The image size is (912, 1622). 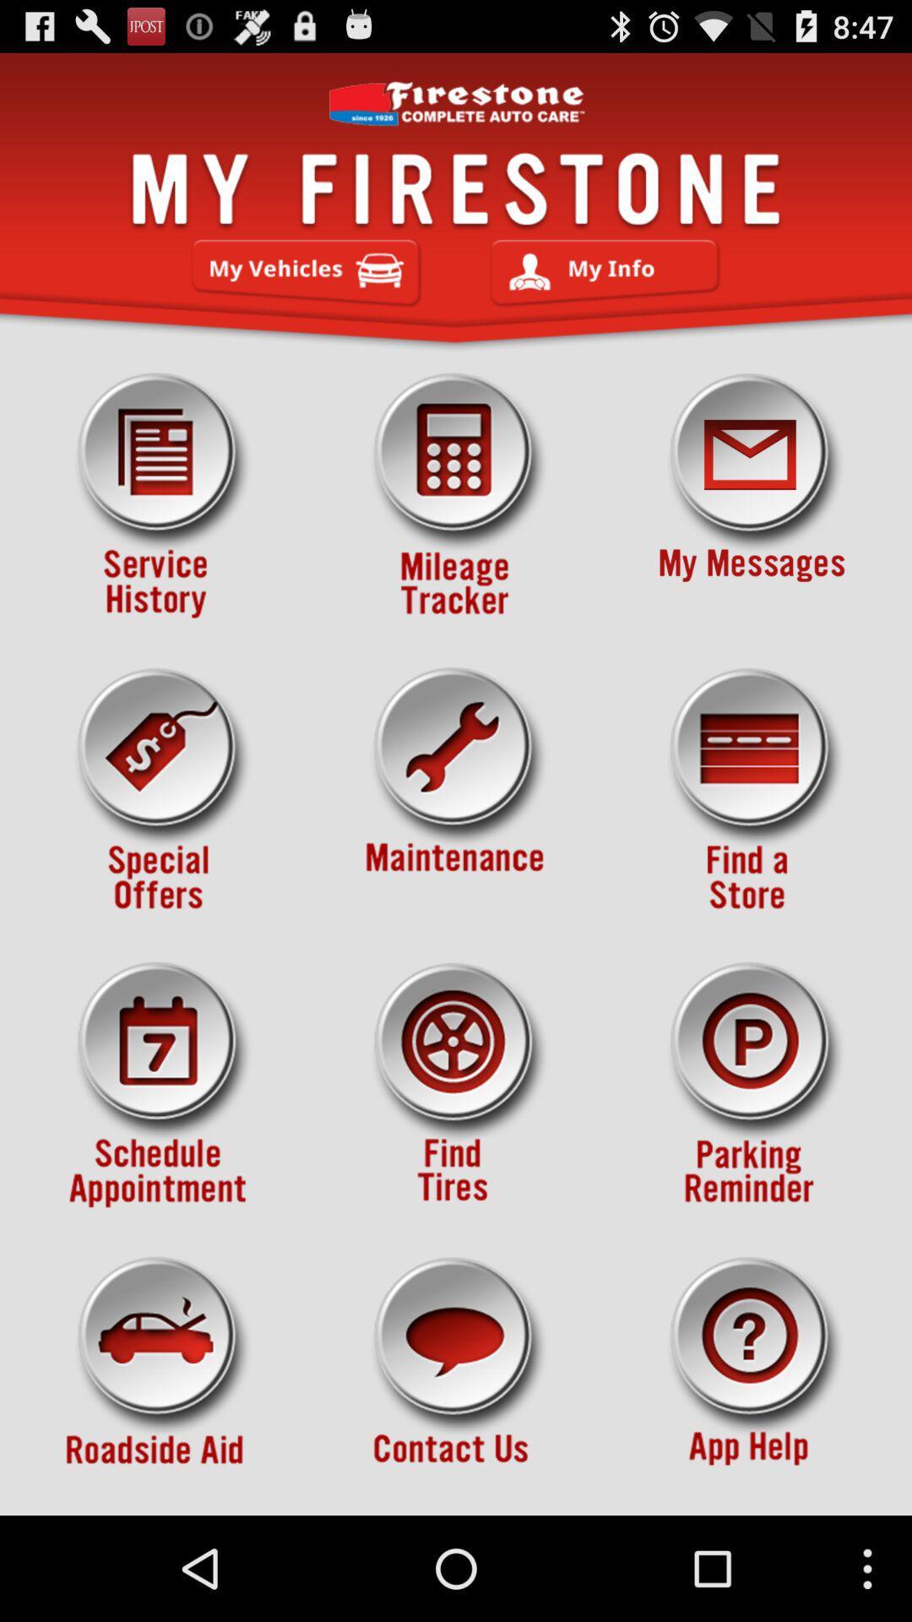 I want to click on the icon at the center, so click(x=456, y=790).